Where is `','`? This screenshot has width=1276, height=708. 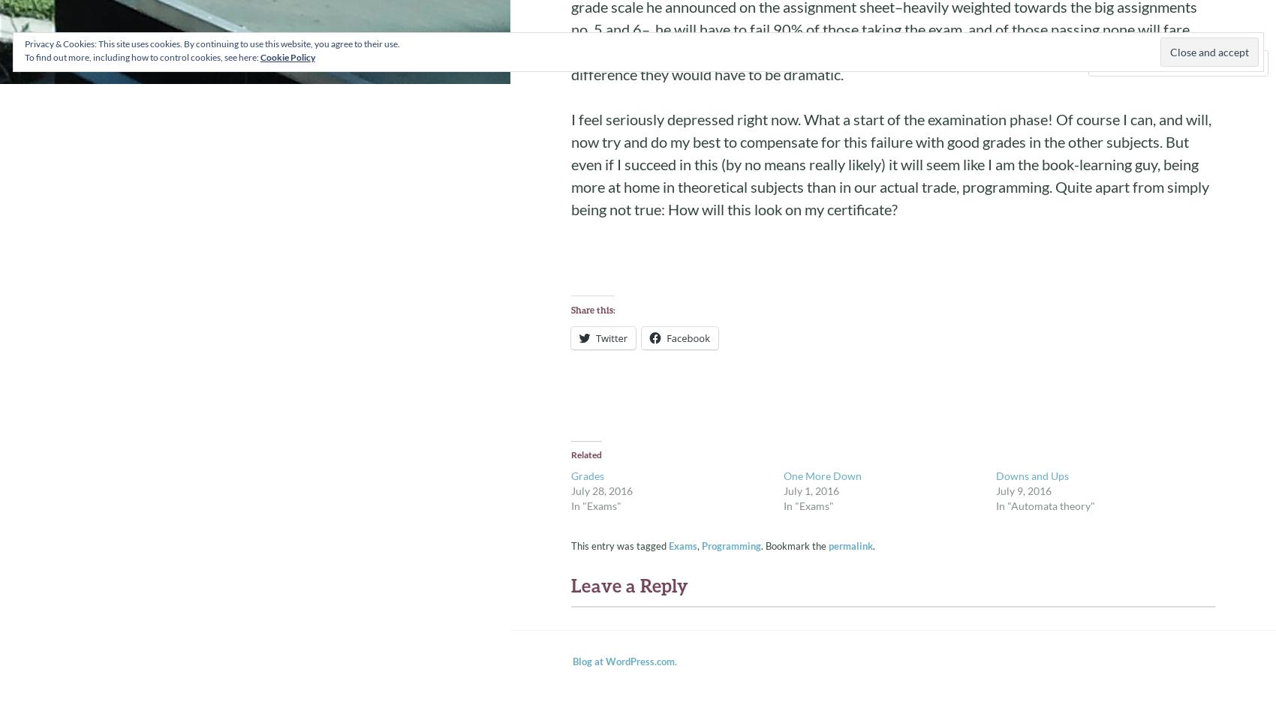 ',' is located at coordinates (699, 546).